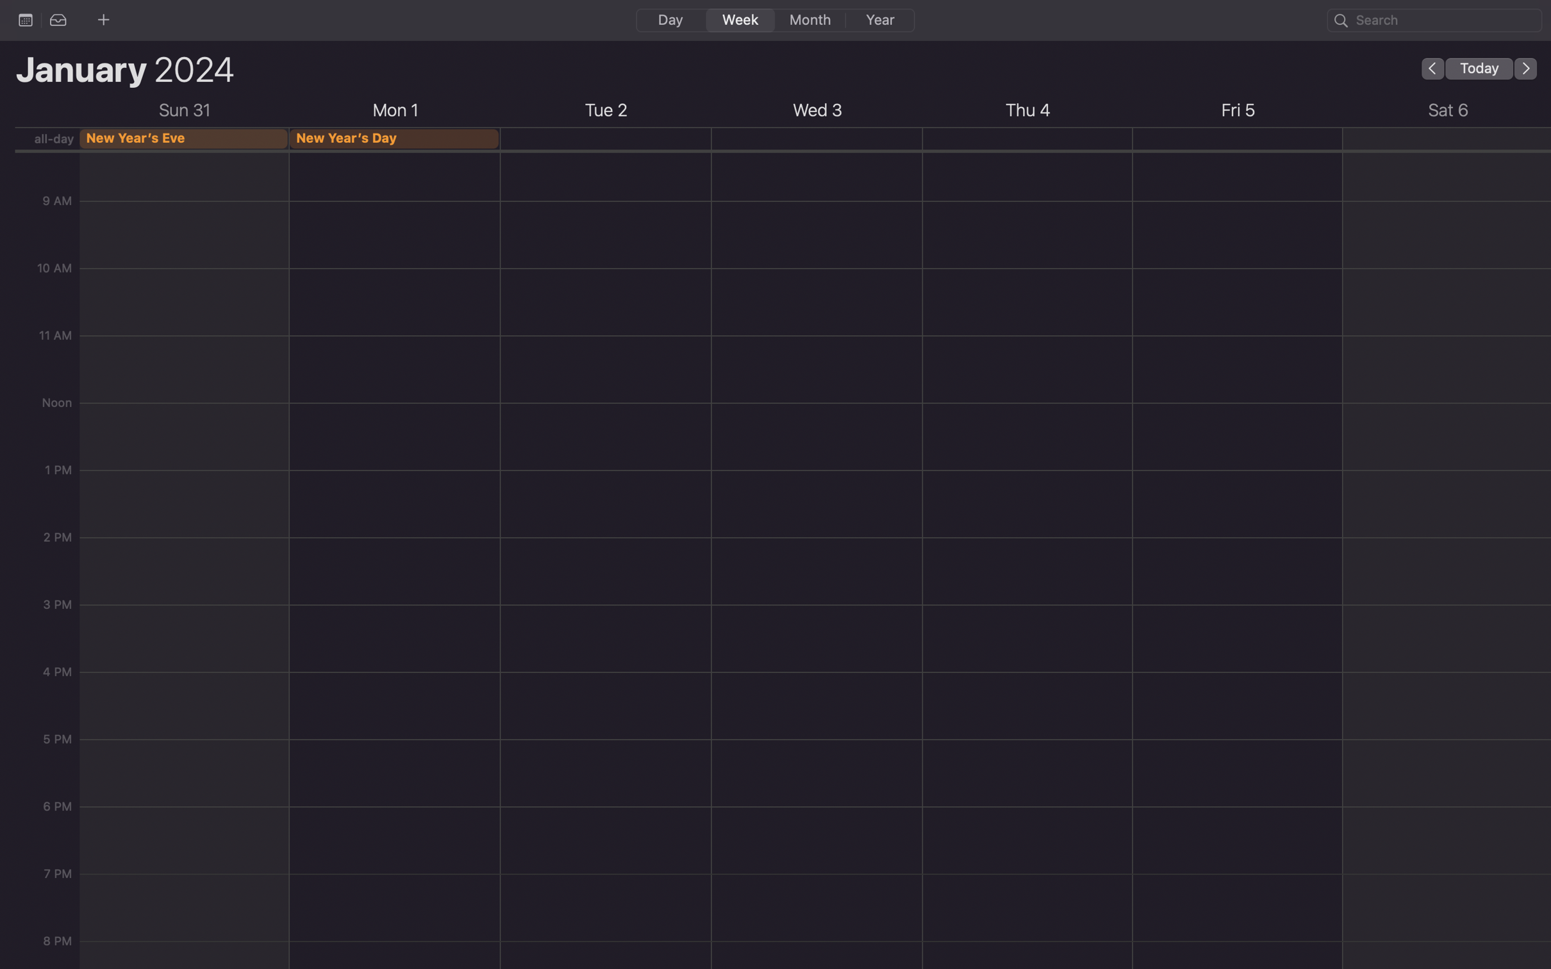 Image resolution: width=1551 pixels, height=969 pixels. Describe the element at coordinates (605, 213) in the screenshot. I see `Arrange a time-table for Thursday from 9:30 am to 3 pm` at that location.